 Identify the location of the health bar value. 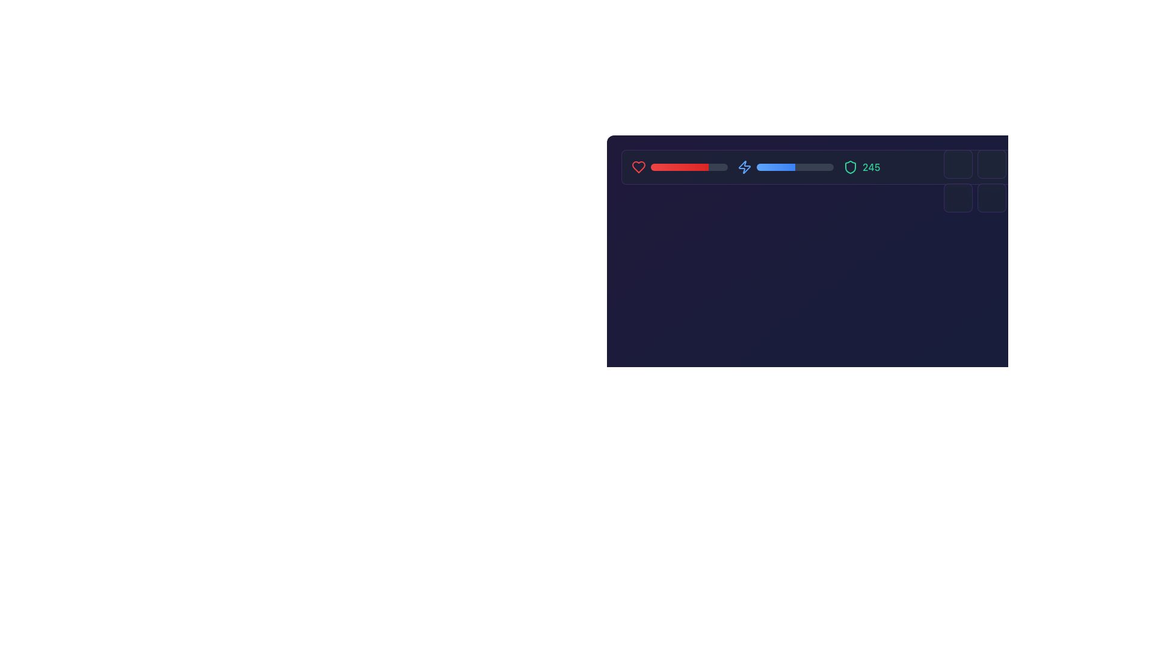
(699, 167).